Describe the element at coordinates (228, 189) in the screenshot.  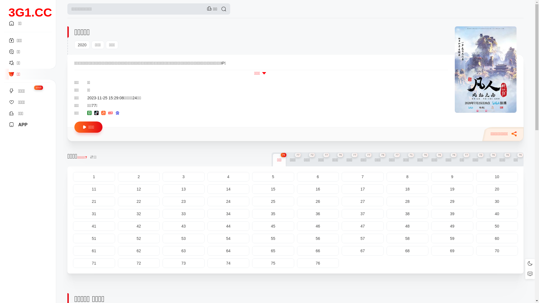
I see `'14'` at that location.